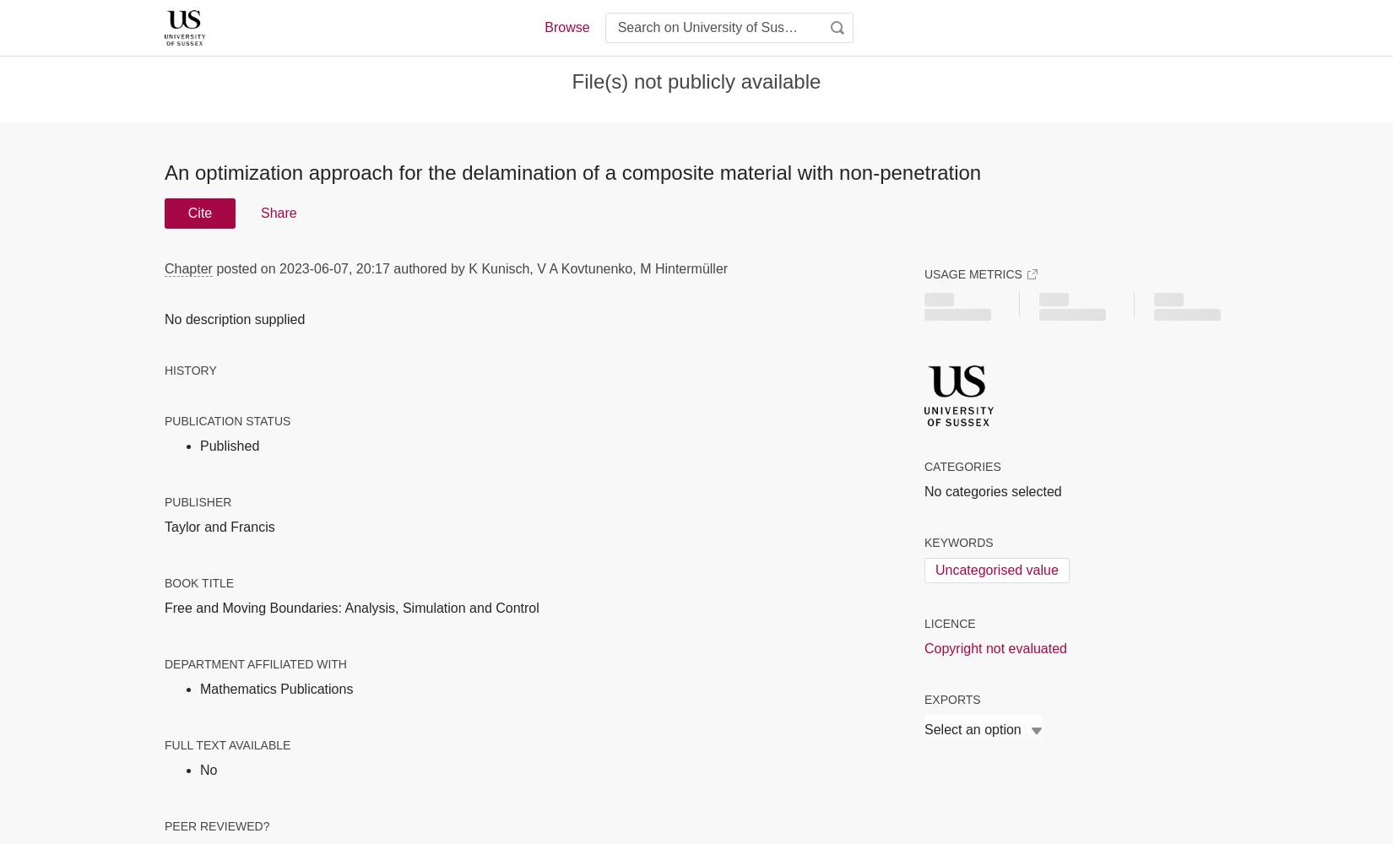 This screenshot has height=844, width=1393. I want to click on 'File(s) not publicly available', so click(695, 79).